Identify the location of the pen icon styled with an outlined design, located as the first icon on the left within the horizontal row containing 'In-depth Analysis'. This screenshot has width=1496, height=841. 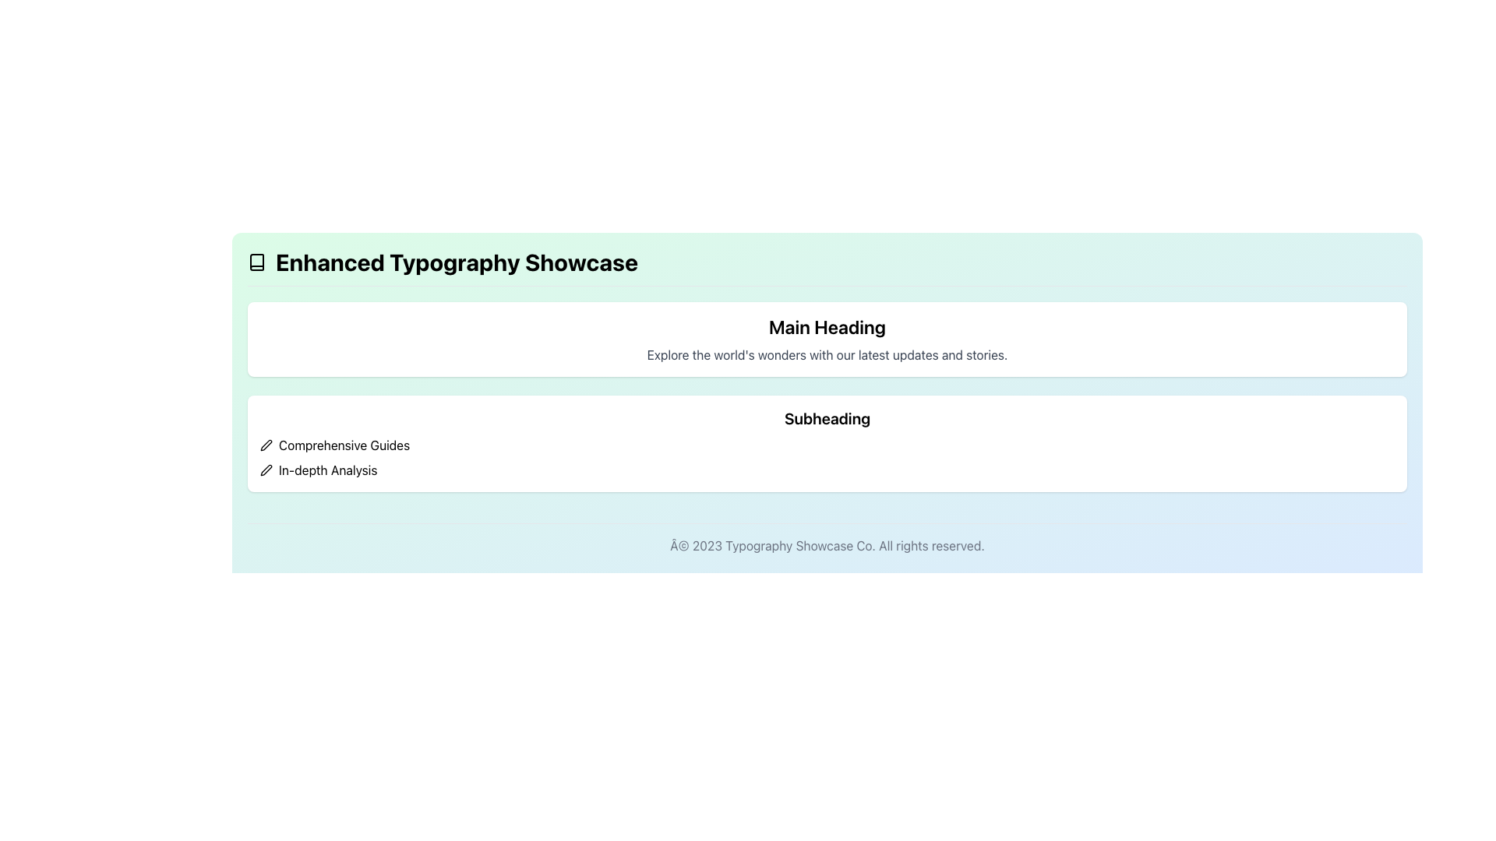
(266, 470).